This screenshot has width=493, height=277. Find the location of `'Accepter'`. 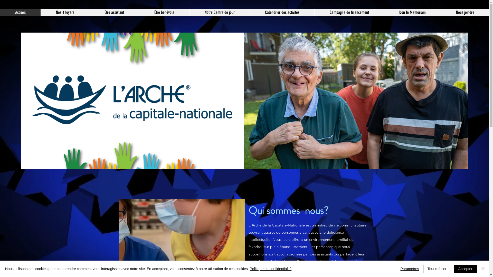

'Accepter' is located at coordinates (454, 269).